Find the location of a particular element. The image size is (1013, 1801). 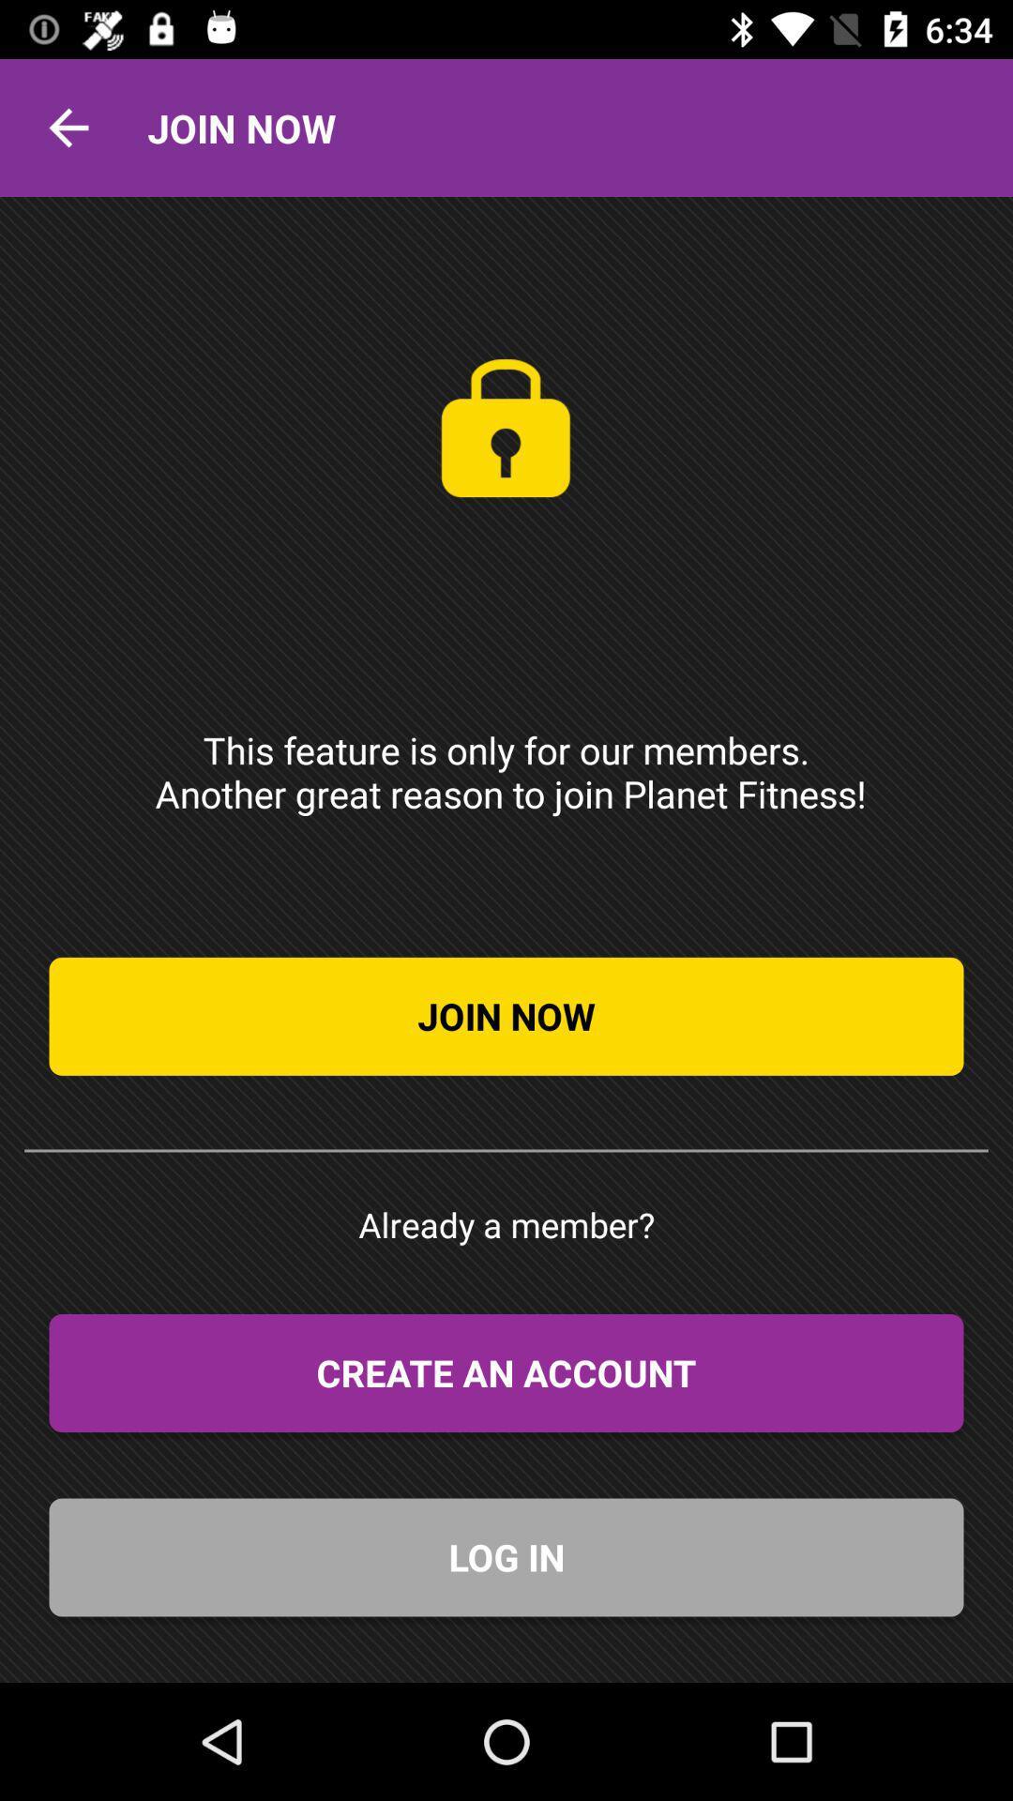

the create an account is located at coordinates (506, 1373).